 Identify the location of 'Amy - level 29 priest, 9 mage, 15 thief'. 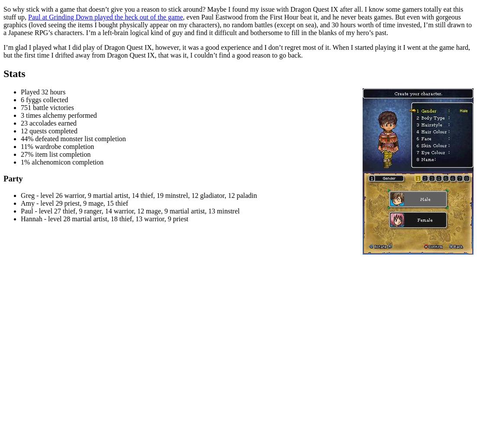
(74, 203).